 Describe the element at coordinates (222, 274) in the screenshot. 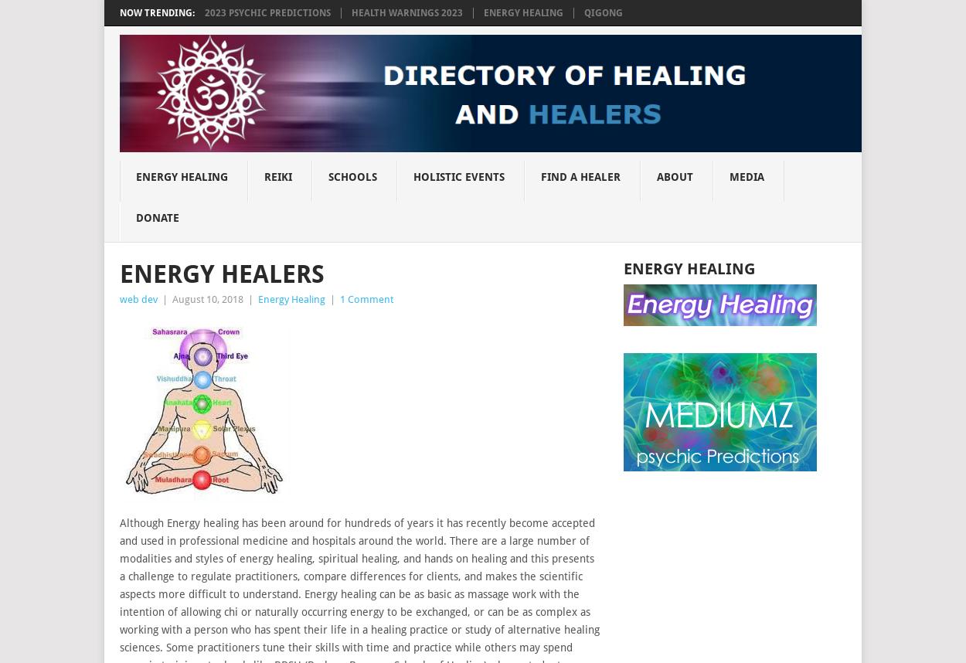

I see `'Energy Healers'` at that location.